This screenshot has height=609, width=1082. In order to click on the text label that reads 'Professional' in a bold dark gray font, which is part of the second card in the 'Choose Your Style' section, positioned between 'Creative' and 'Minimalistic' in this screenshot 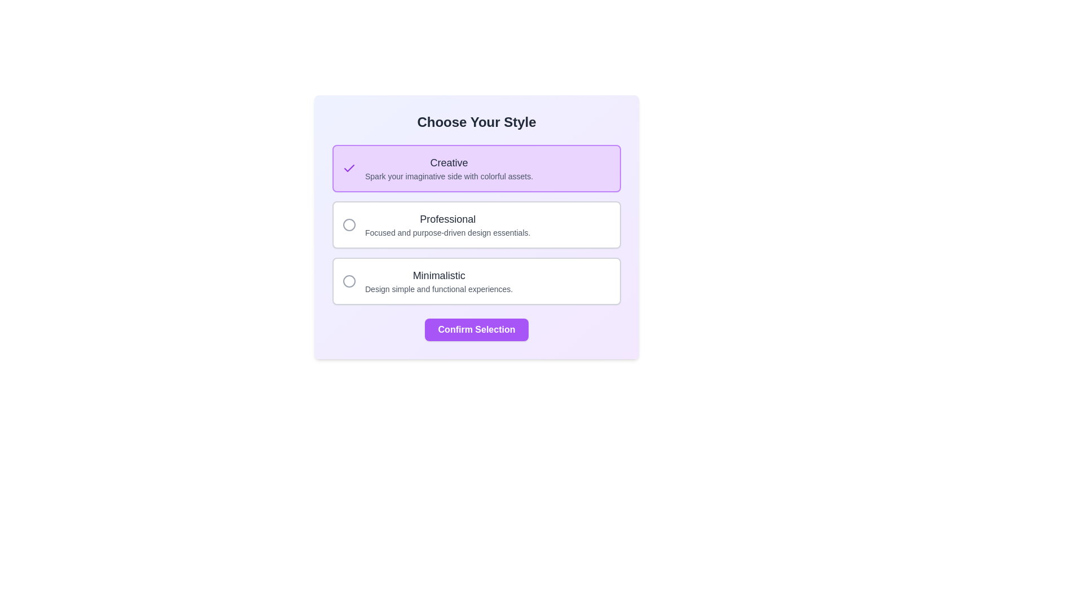, I will do `click(447, 224)`.